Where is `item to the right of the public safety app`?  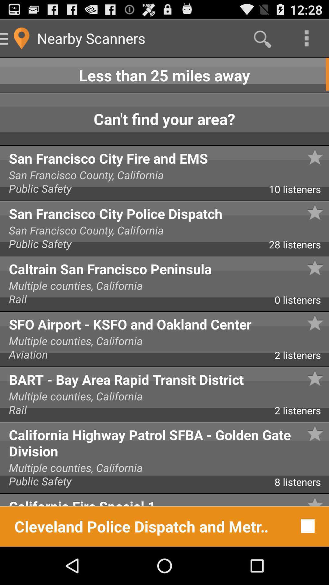 item to the right of the public safety app is located at coordinates (299, 247).